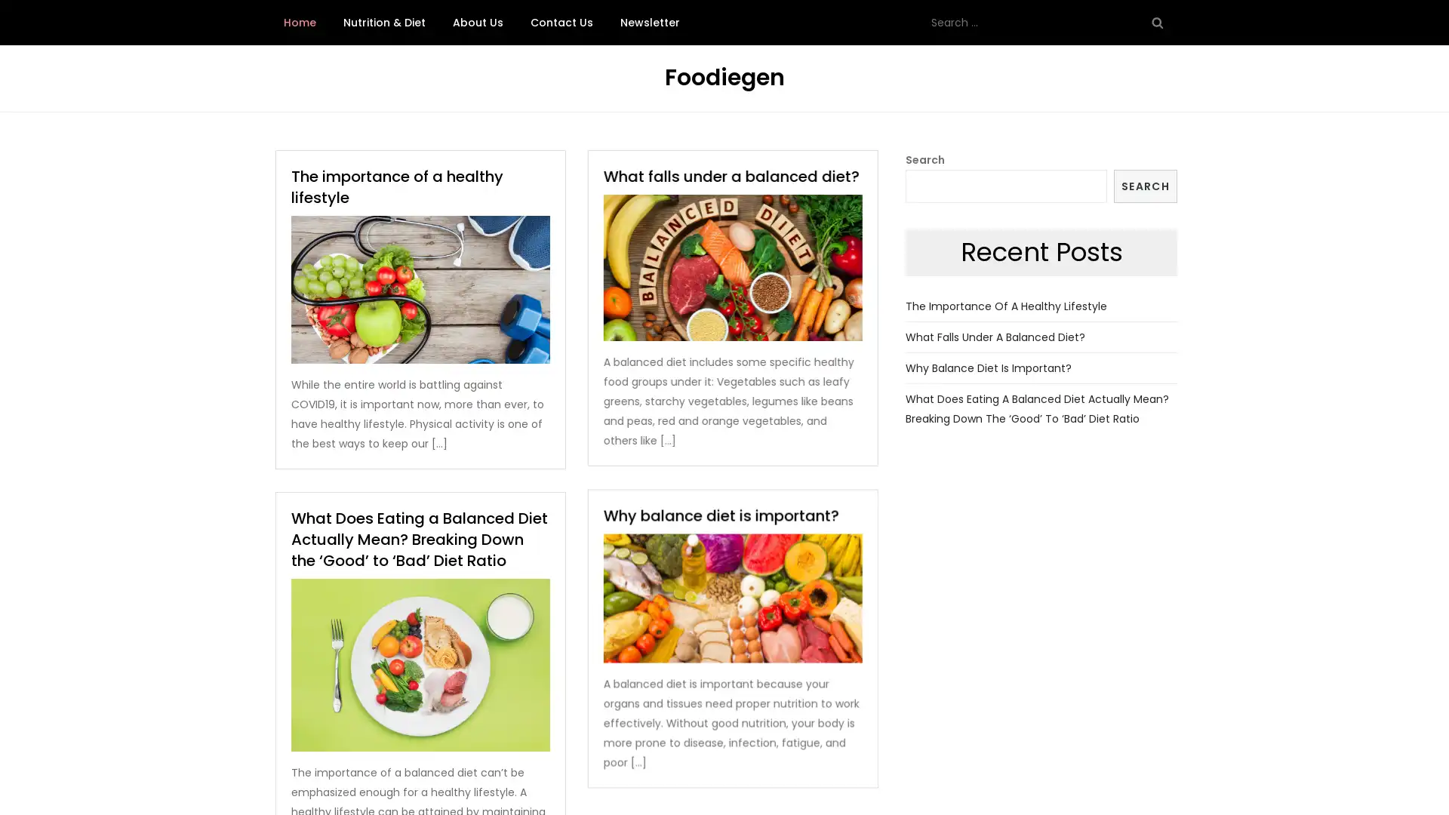  Describe the element at coordinates (1145, 185) in the screenshot. I see `SEARCH` at that location.